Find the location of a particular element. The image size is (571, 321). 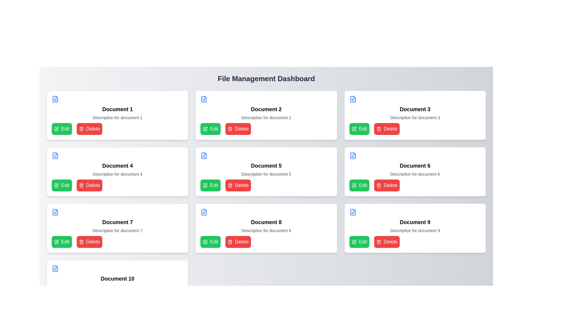

the graphical icon representing a square with a pen intersecting it, located in the left section of the interface next to 'Document 1.' is located at coordinates (57, 129).